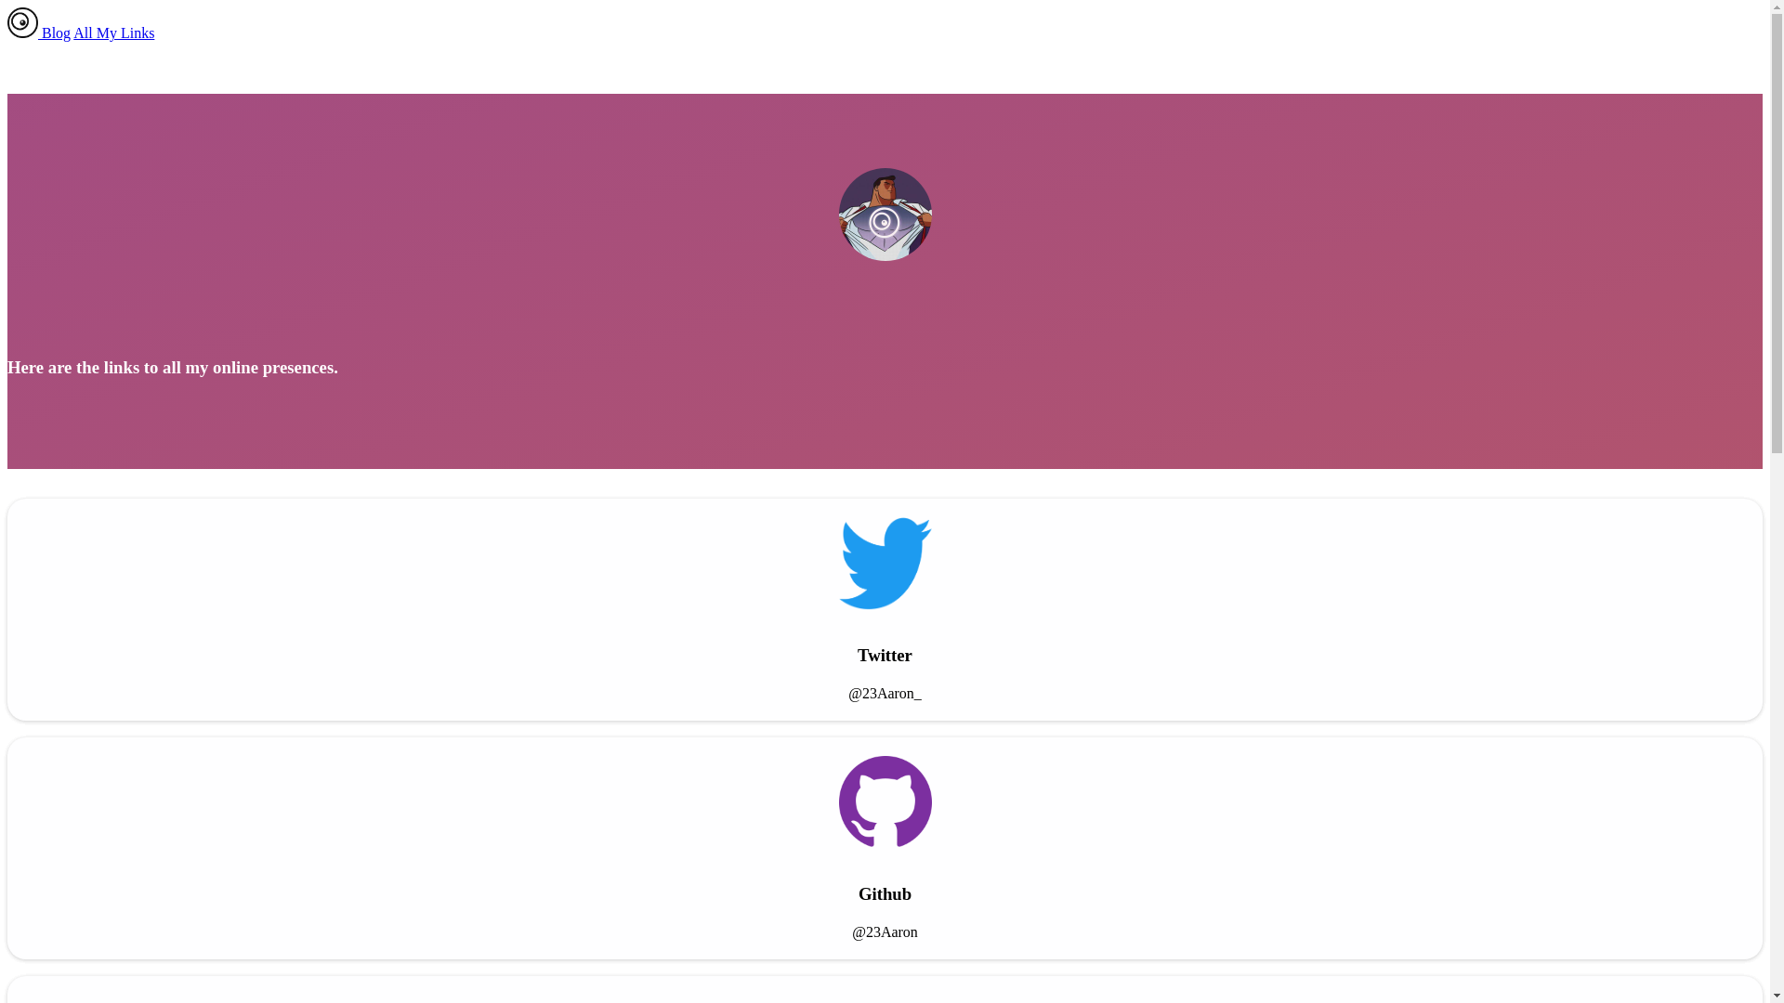 The image size is (1784, 1003). Describe the element at coordinates (41, 33) in the screenshot. I see `'Blog'` at that location.